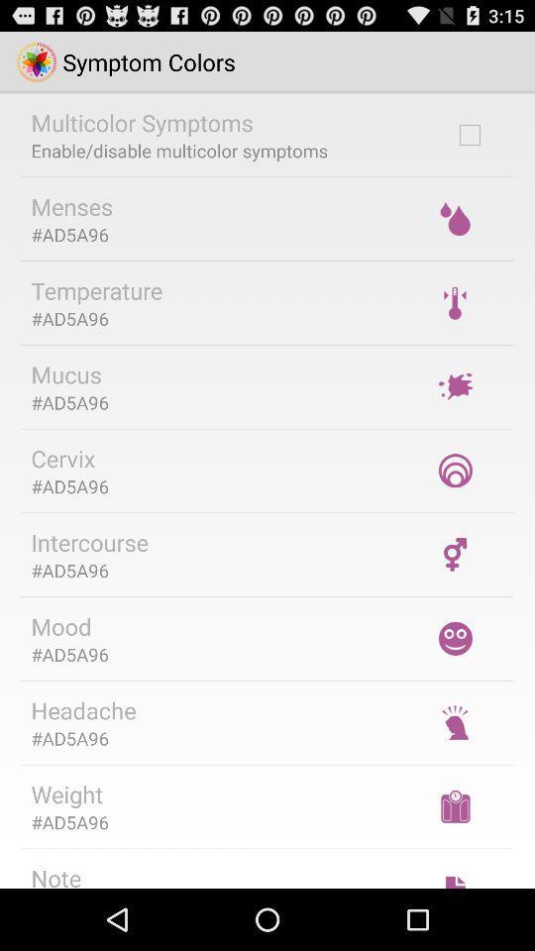  Describe the element at coordinates (469, 134) in the screenshot. I see `item to the right of enable disable multicolor app` at that location.